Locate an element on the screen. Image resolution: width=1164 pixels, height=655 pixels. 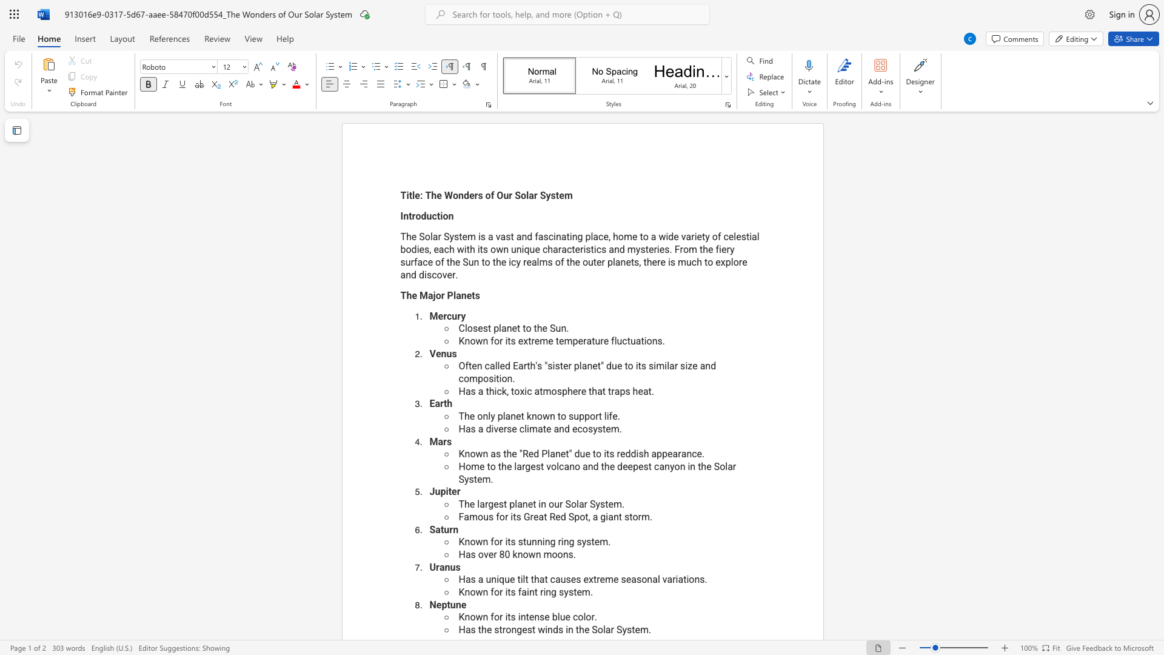
the subset text "t" within the text "Known as the" is located at coordinates (565, 454).